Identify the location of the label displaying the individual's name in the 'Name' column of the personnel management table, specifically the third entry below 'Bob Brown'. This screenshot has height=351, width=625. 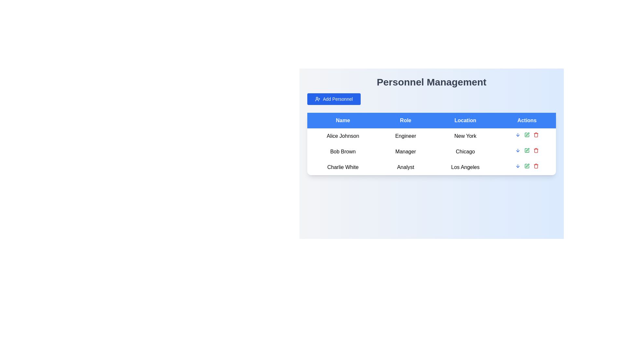
(342, 167).